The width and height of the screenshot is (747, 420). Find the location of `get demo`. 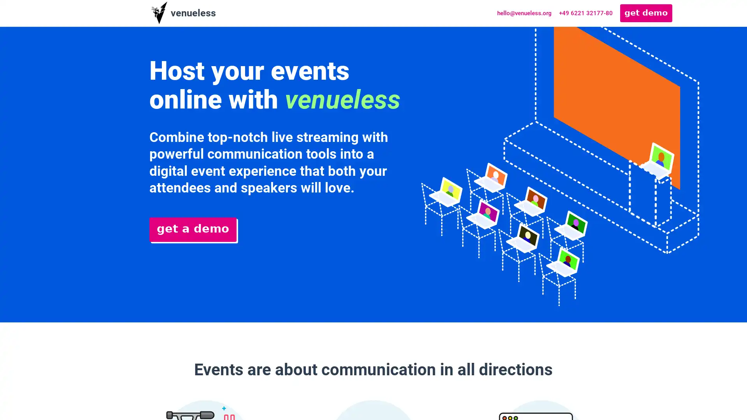

get demo is located at coordinates (646, 13).